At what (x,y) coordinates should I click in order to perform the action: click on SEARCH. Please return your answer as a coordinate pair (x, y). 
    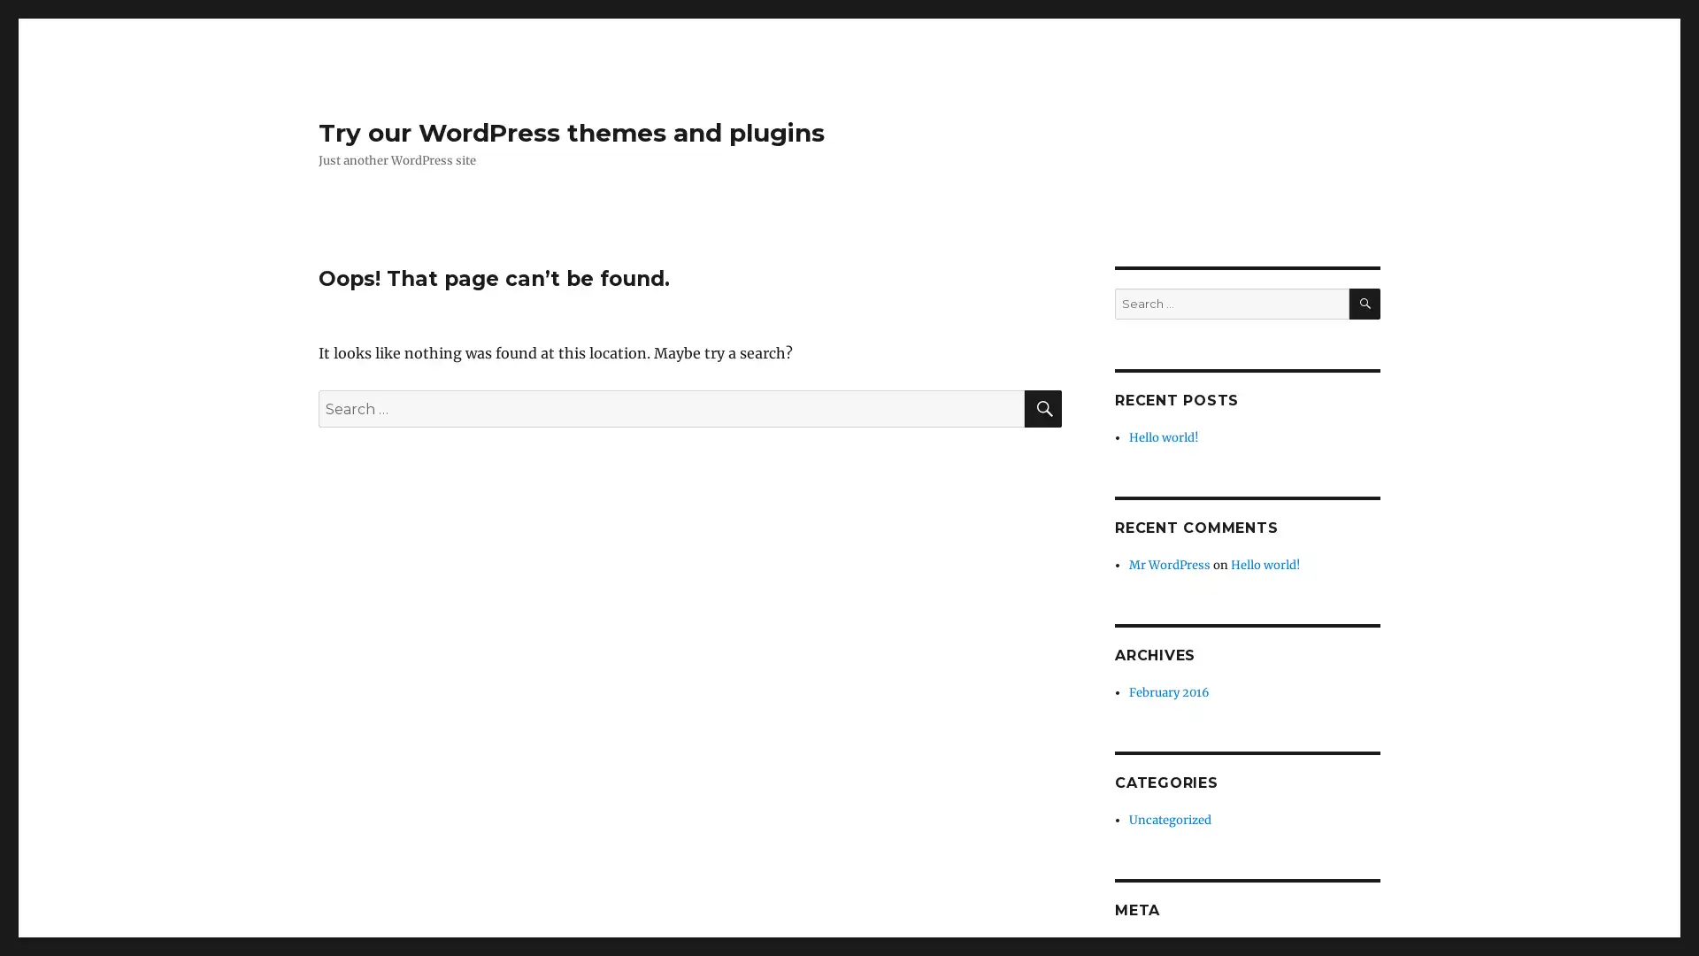
    Looking at the image, I should click on (1364, 303).